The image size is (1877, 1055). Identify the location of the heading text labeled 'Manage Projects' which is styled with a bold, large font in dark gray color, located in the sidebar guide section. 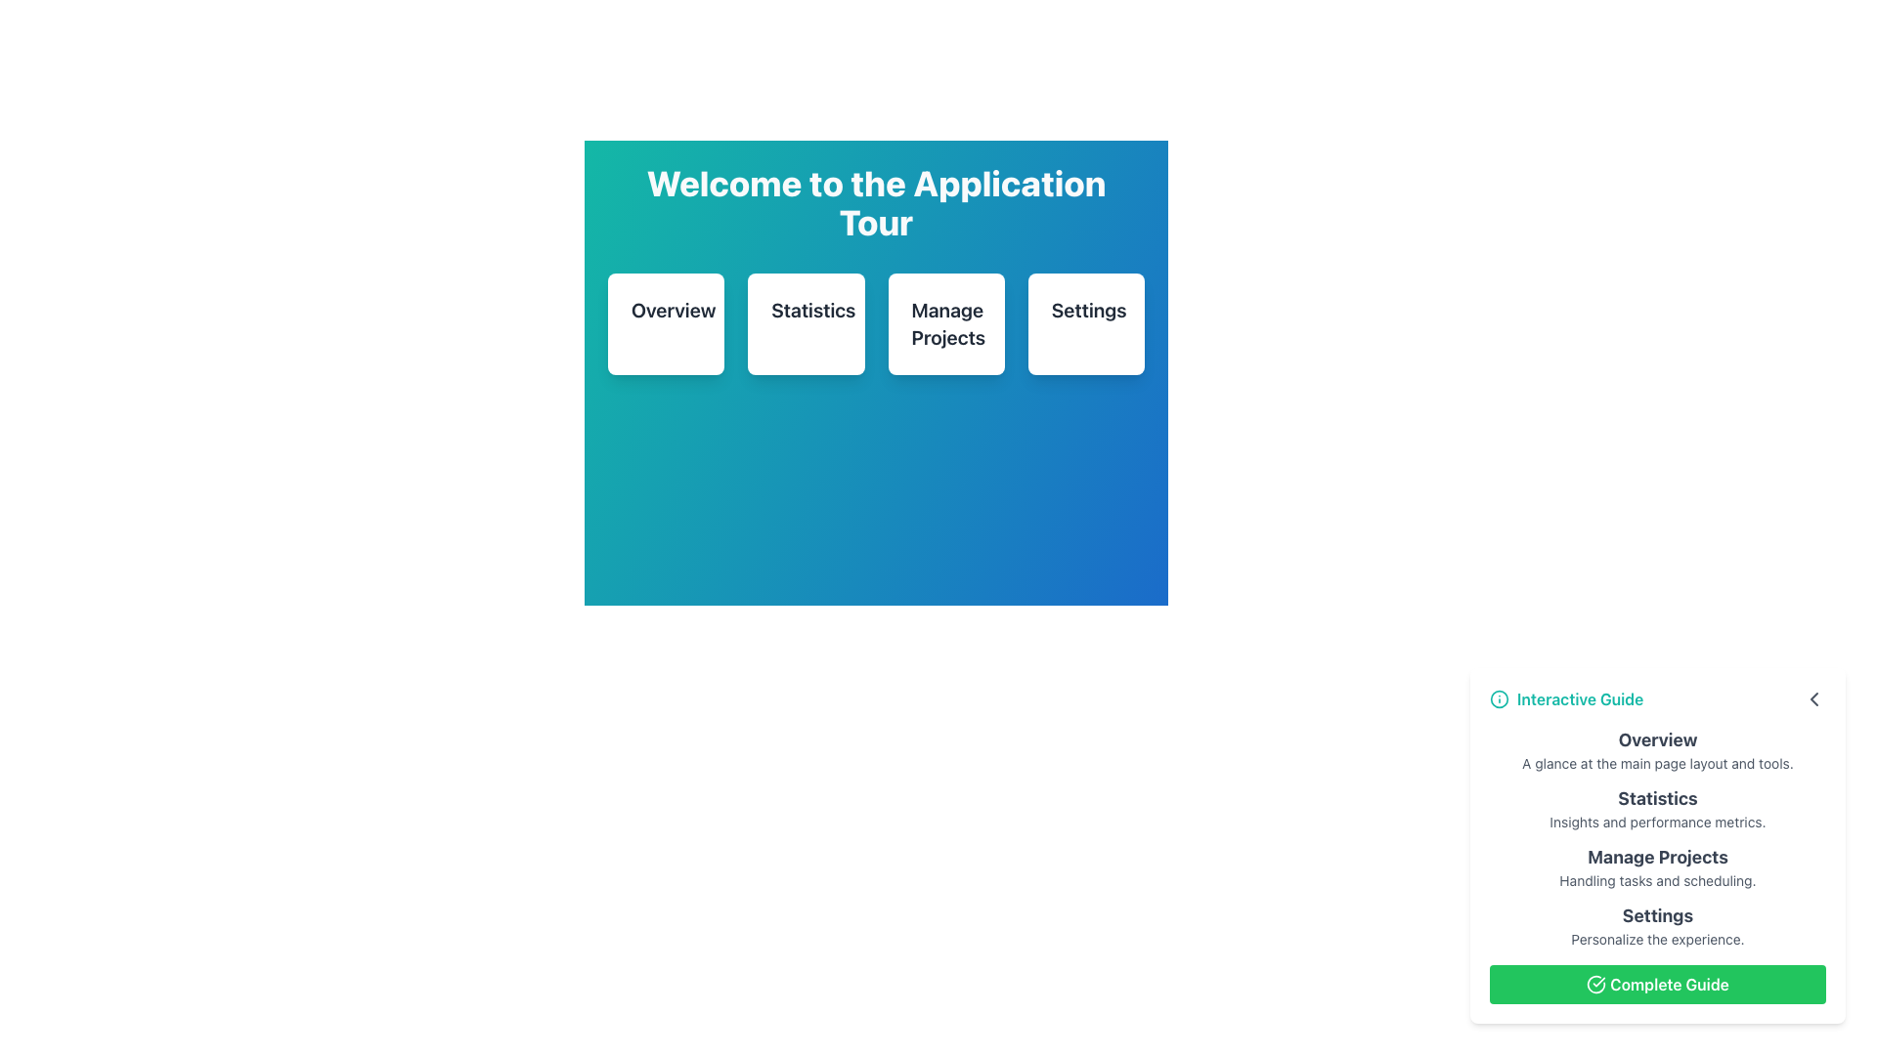
(1656, 857).